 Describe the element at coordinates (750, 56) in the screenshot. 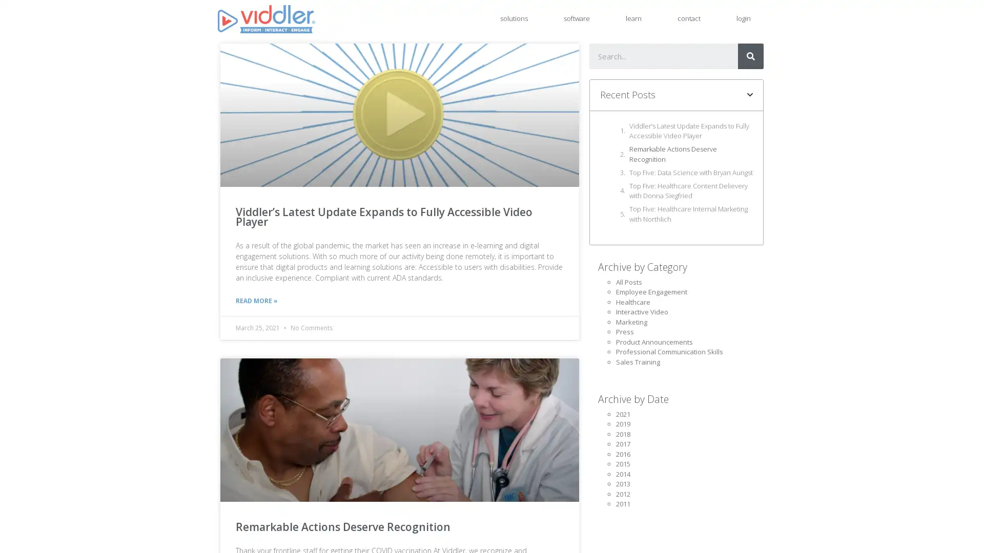

I see `Search` at that location.